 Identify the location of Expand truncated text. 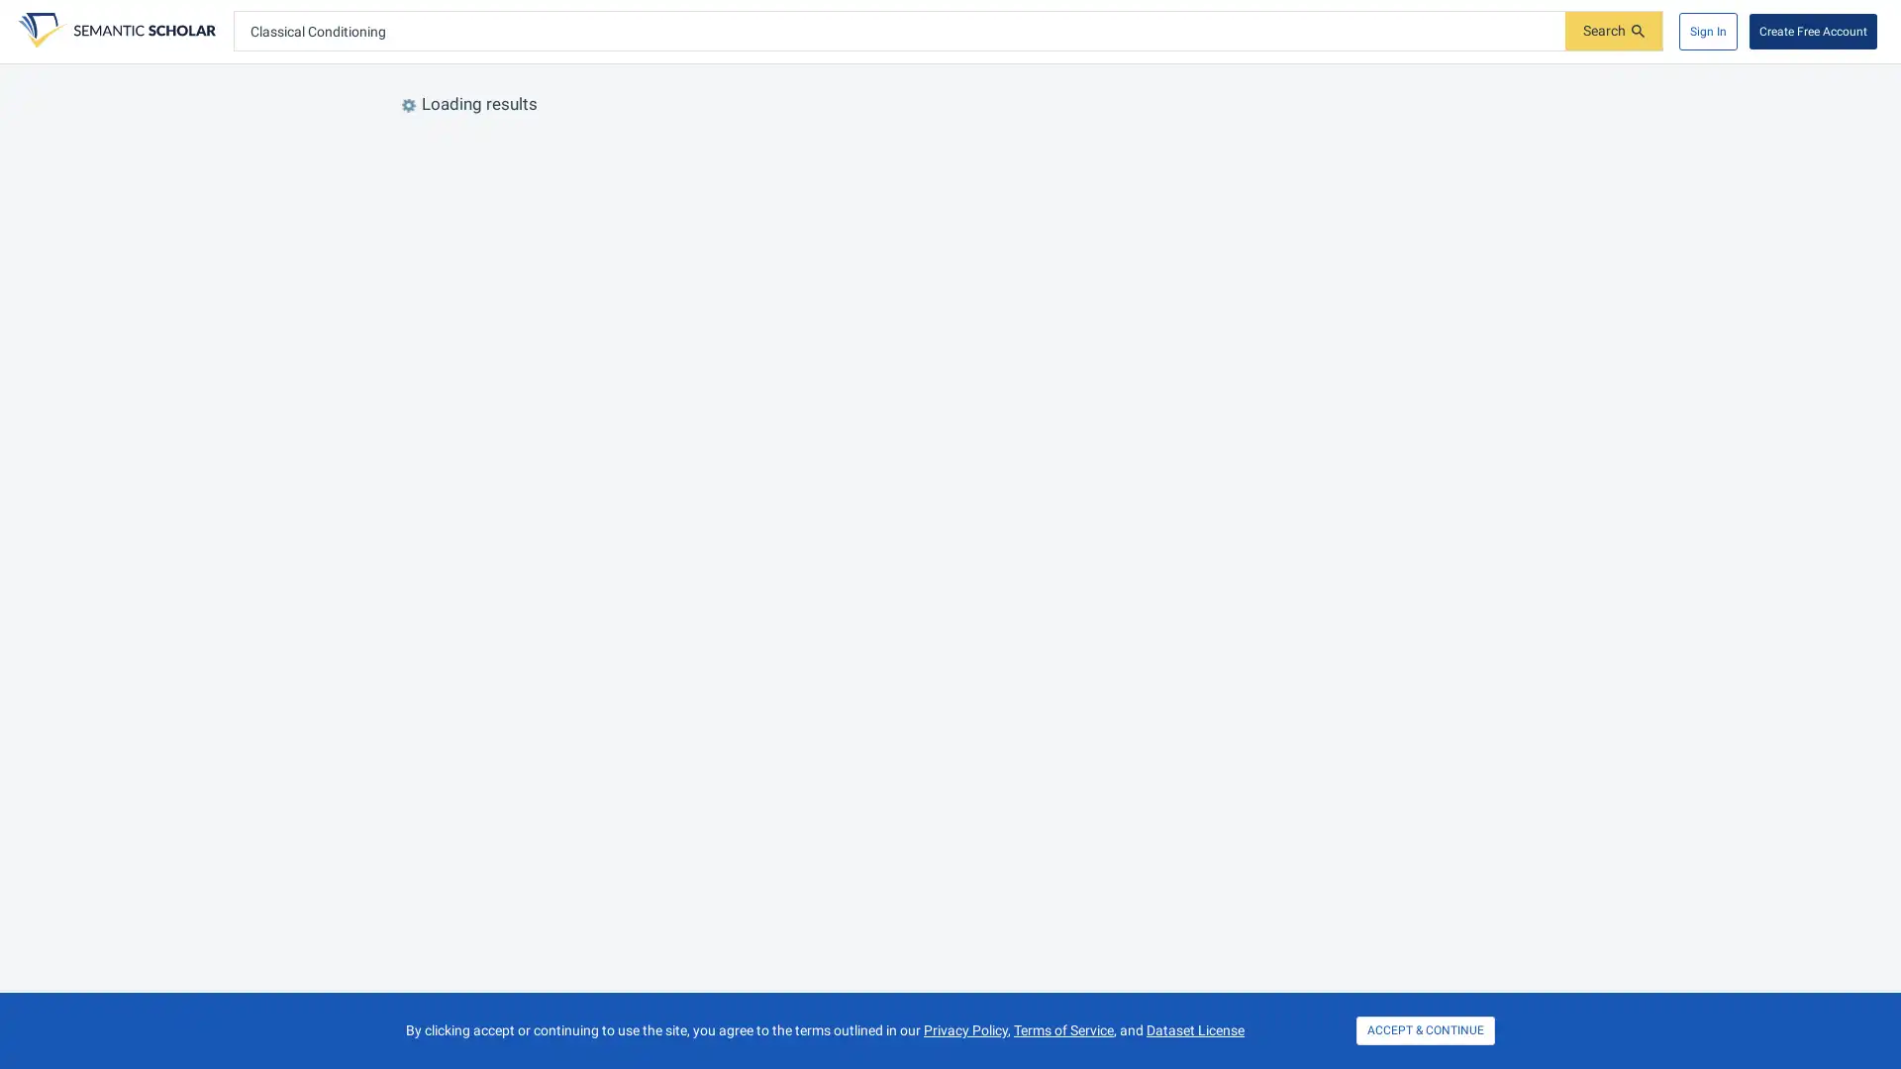
(807, 989).